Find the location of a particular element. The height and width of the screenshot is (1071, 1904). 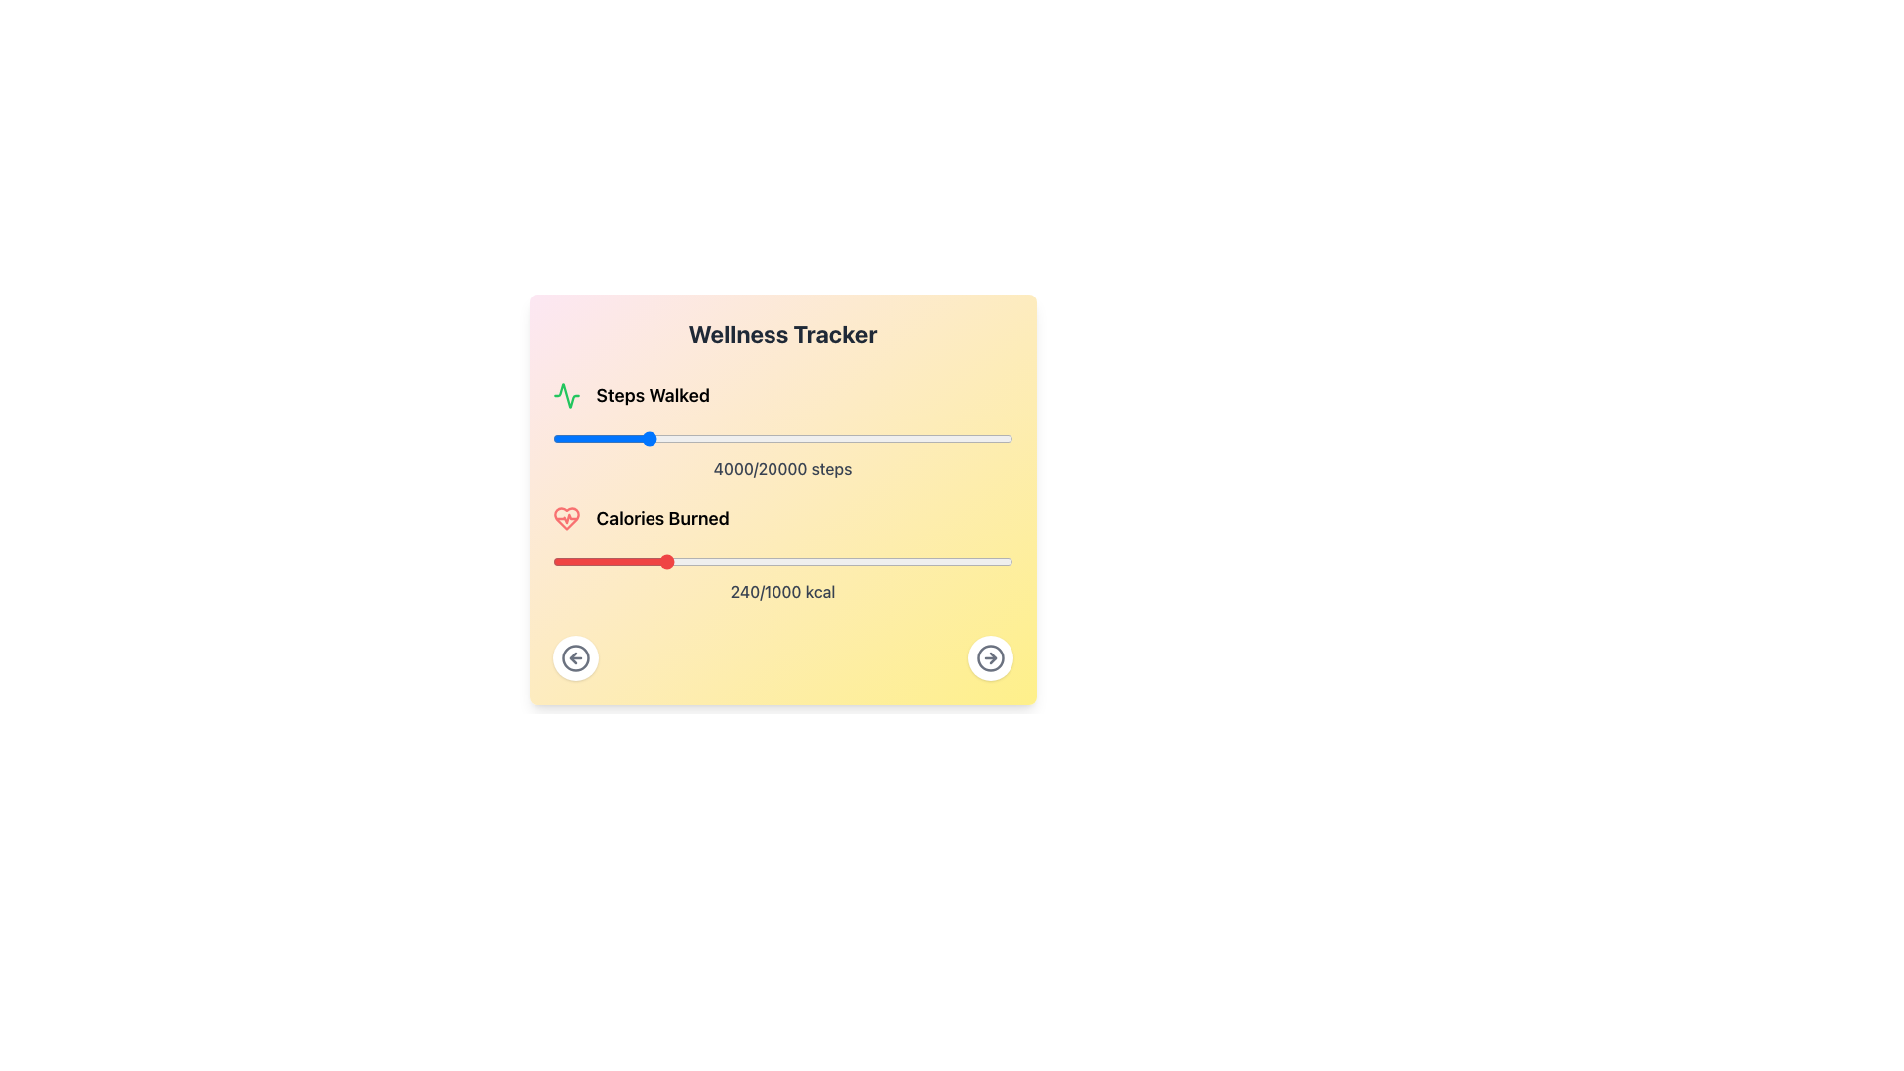

the left-facing arrow icon within the circular button located at the bottom-left corner of the Wellness Tracker interface is located at coordinates (571, 657).